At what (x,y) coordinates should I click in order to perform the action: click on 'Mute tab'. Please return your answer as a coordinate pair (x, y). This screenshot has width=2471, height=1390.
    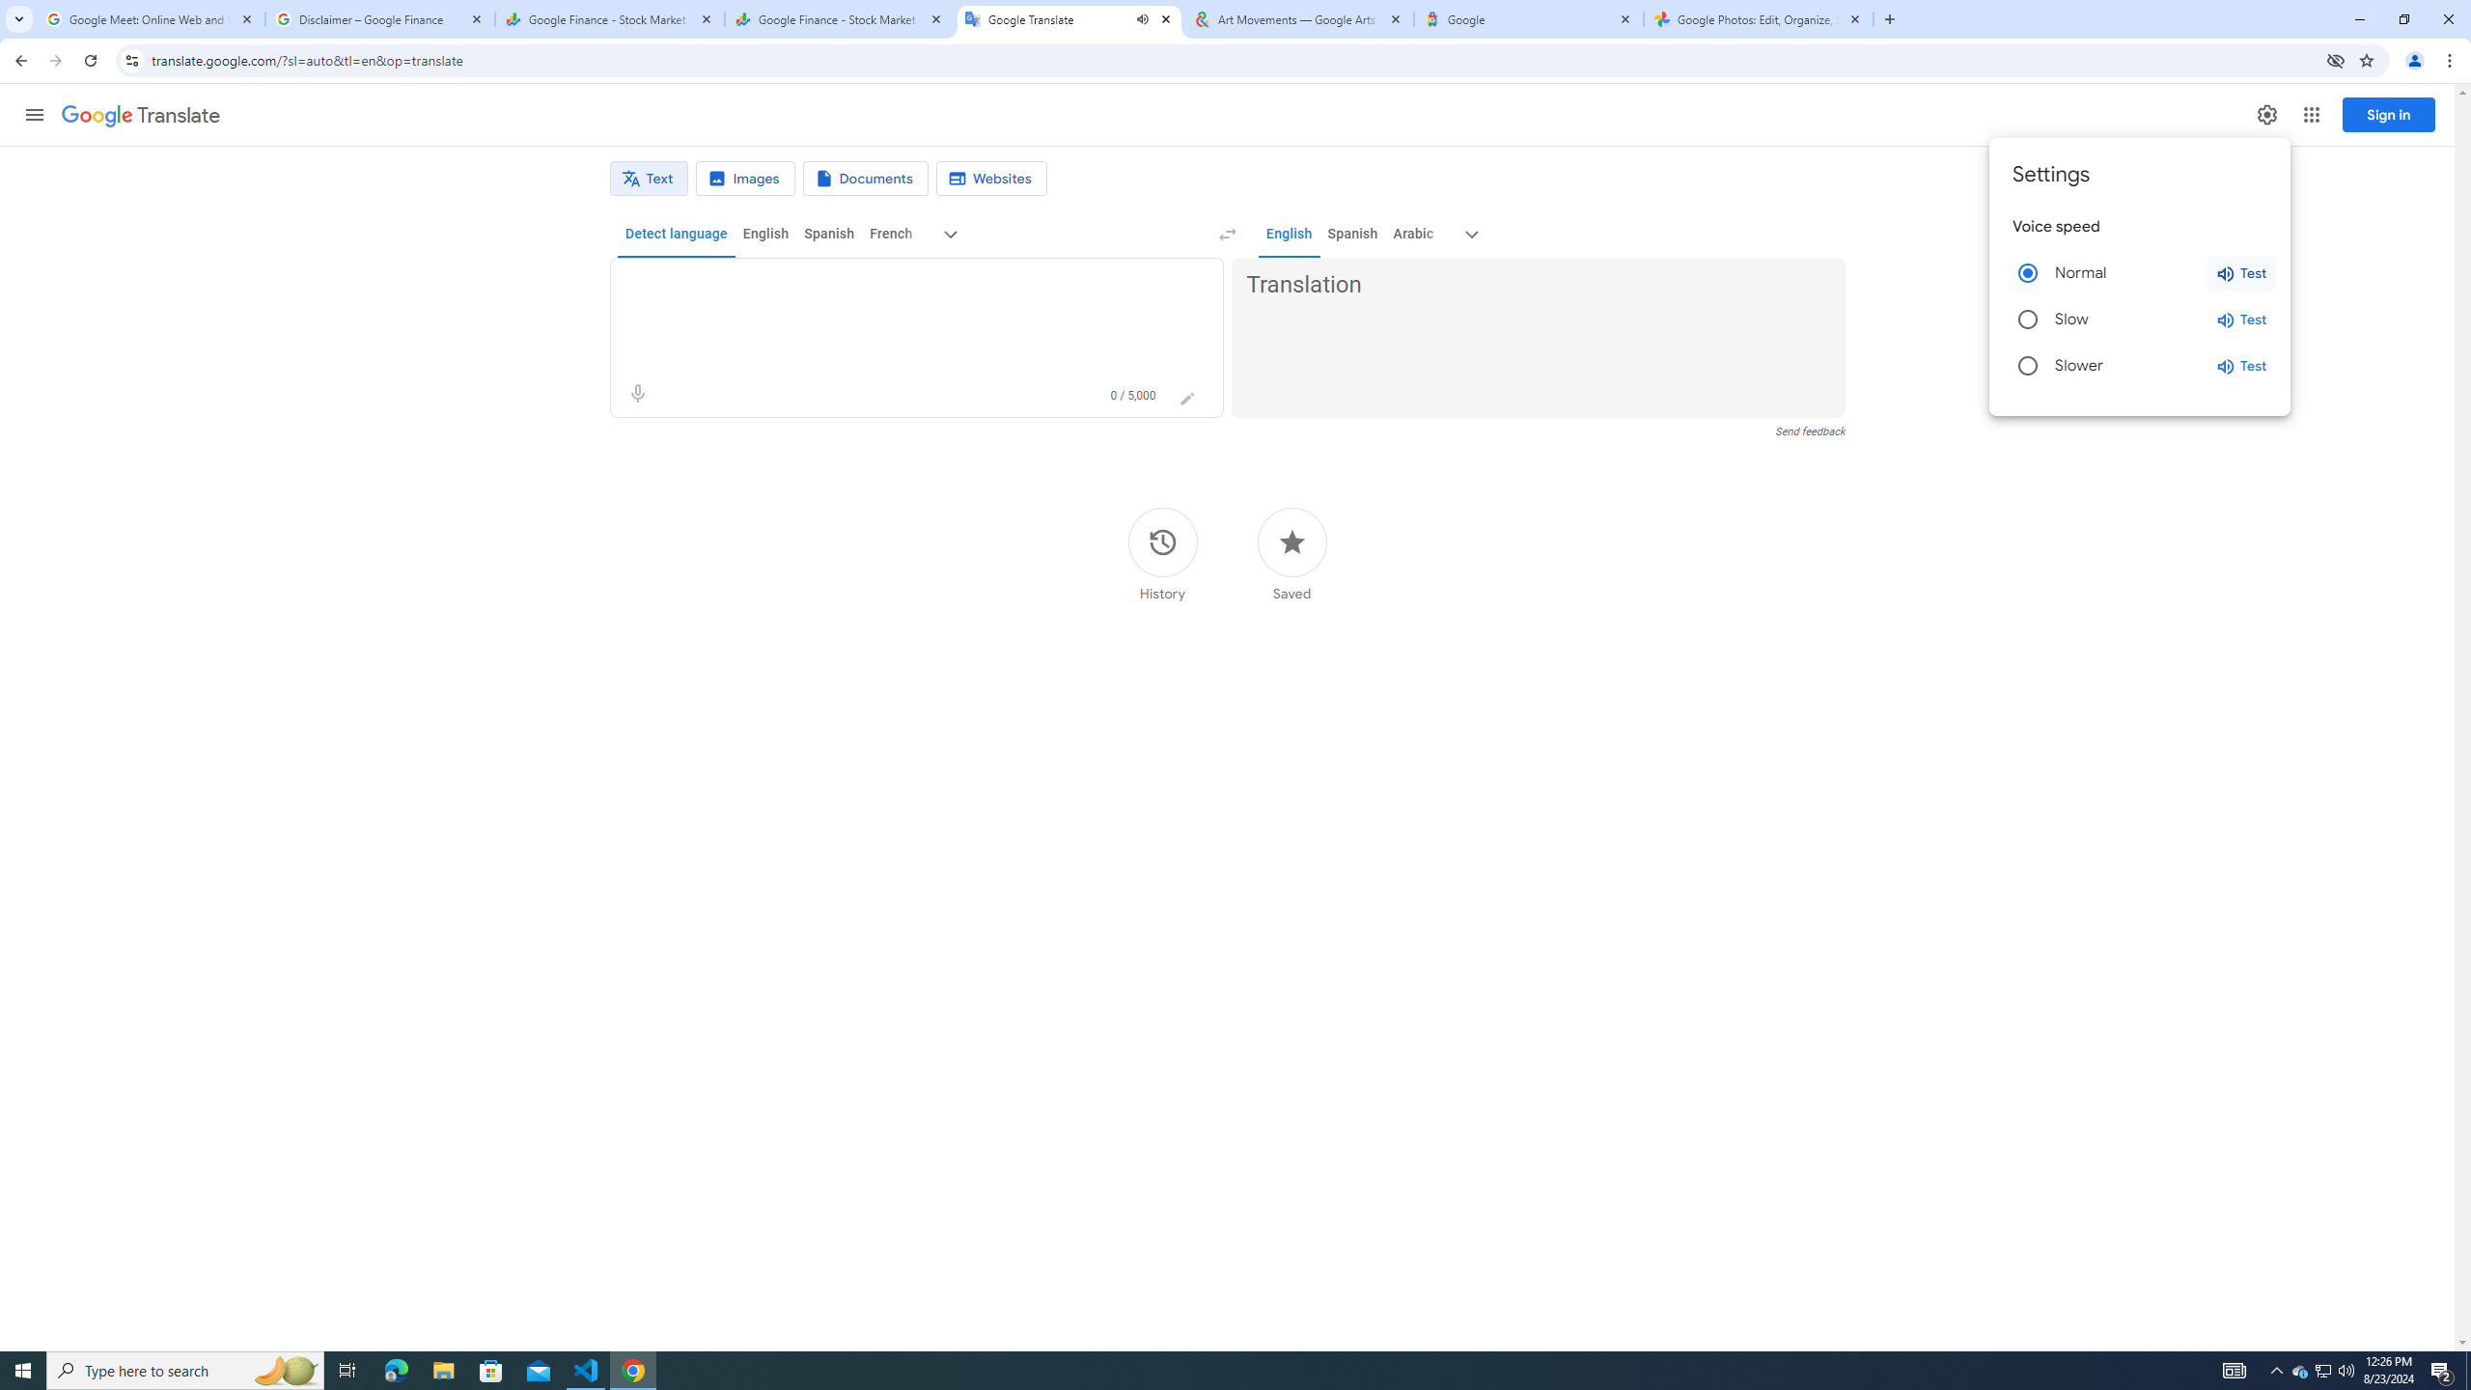
    Looking at the image, I should click on (1142, 18).